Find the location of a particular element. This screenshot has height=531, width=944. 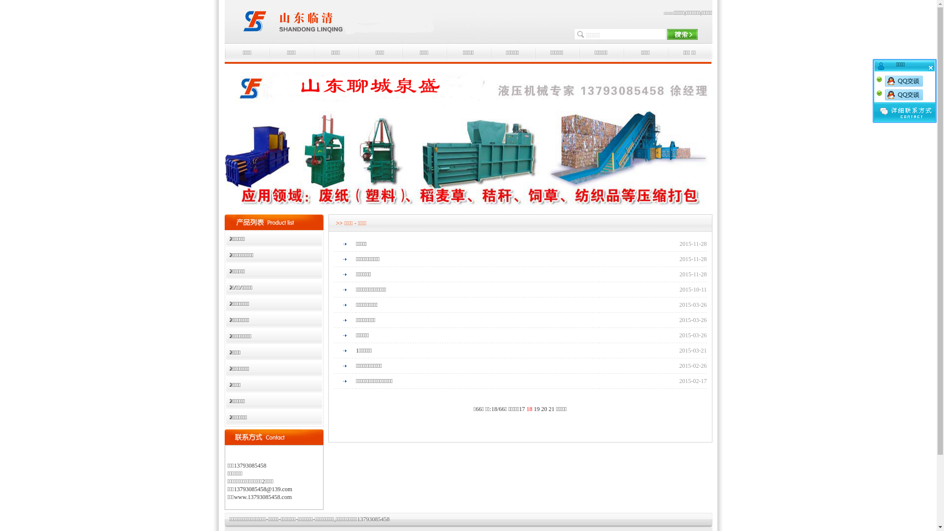

'13793085458@139.com' is located at coordinates (233, 489).